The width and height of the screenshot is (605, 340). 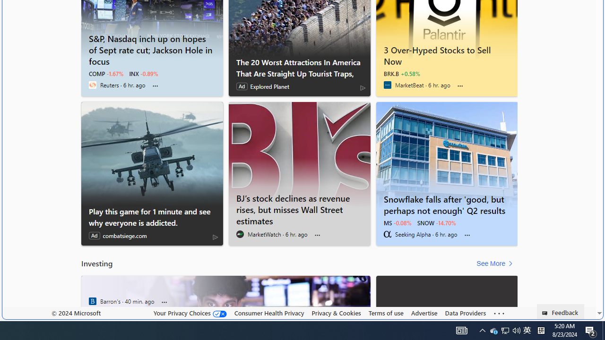 I want to click on 'Barron', so click(x=92, y=301).